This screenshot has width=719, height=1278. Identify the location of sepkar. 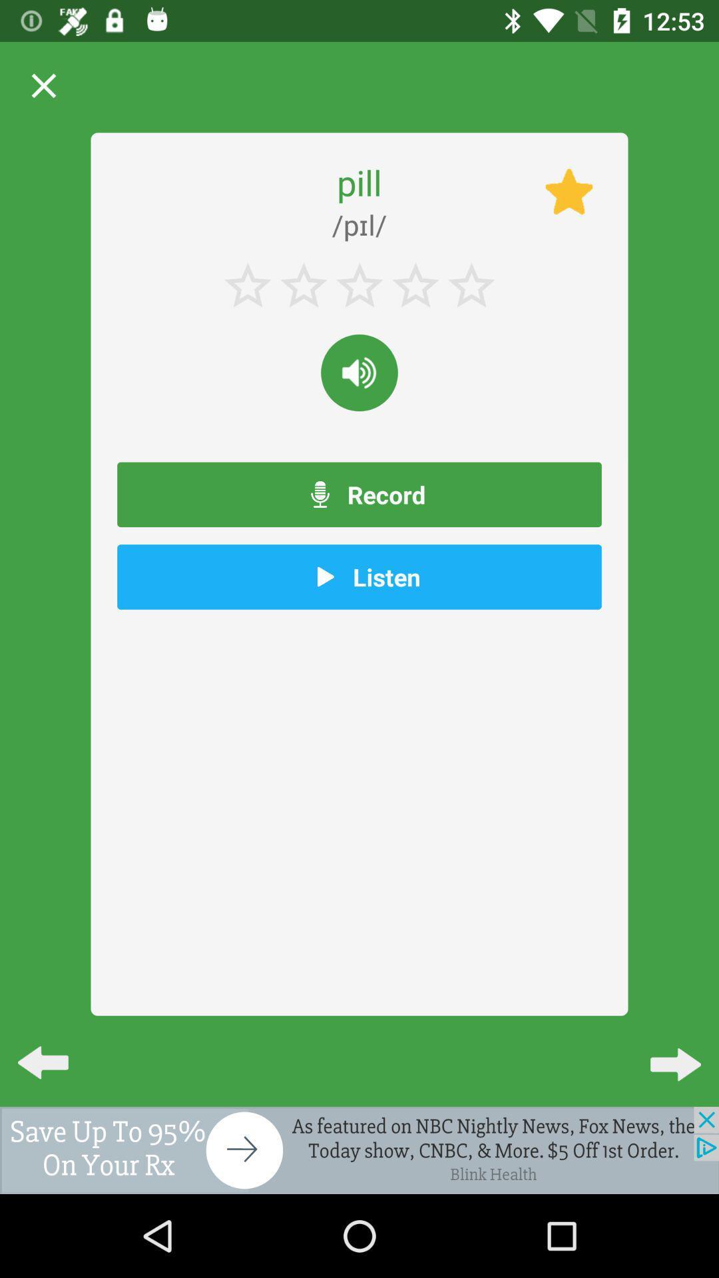
(359, 373).